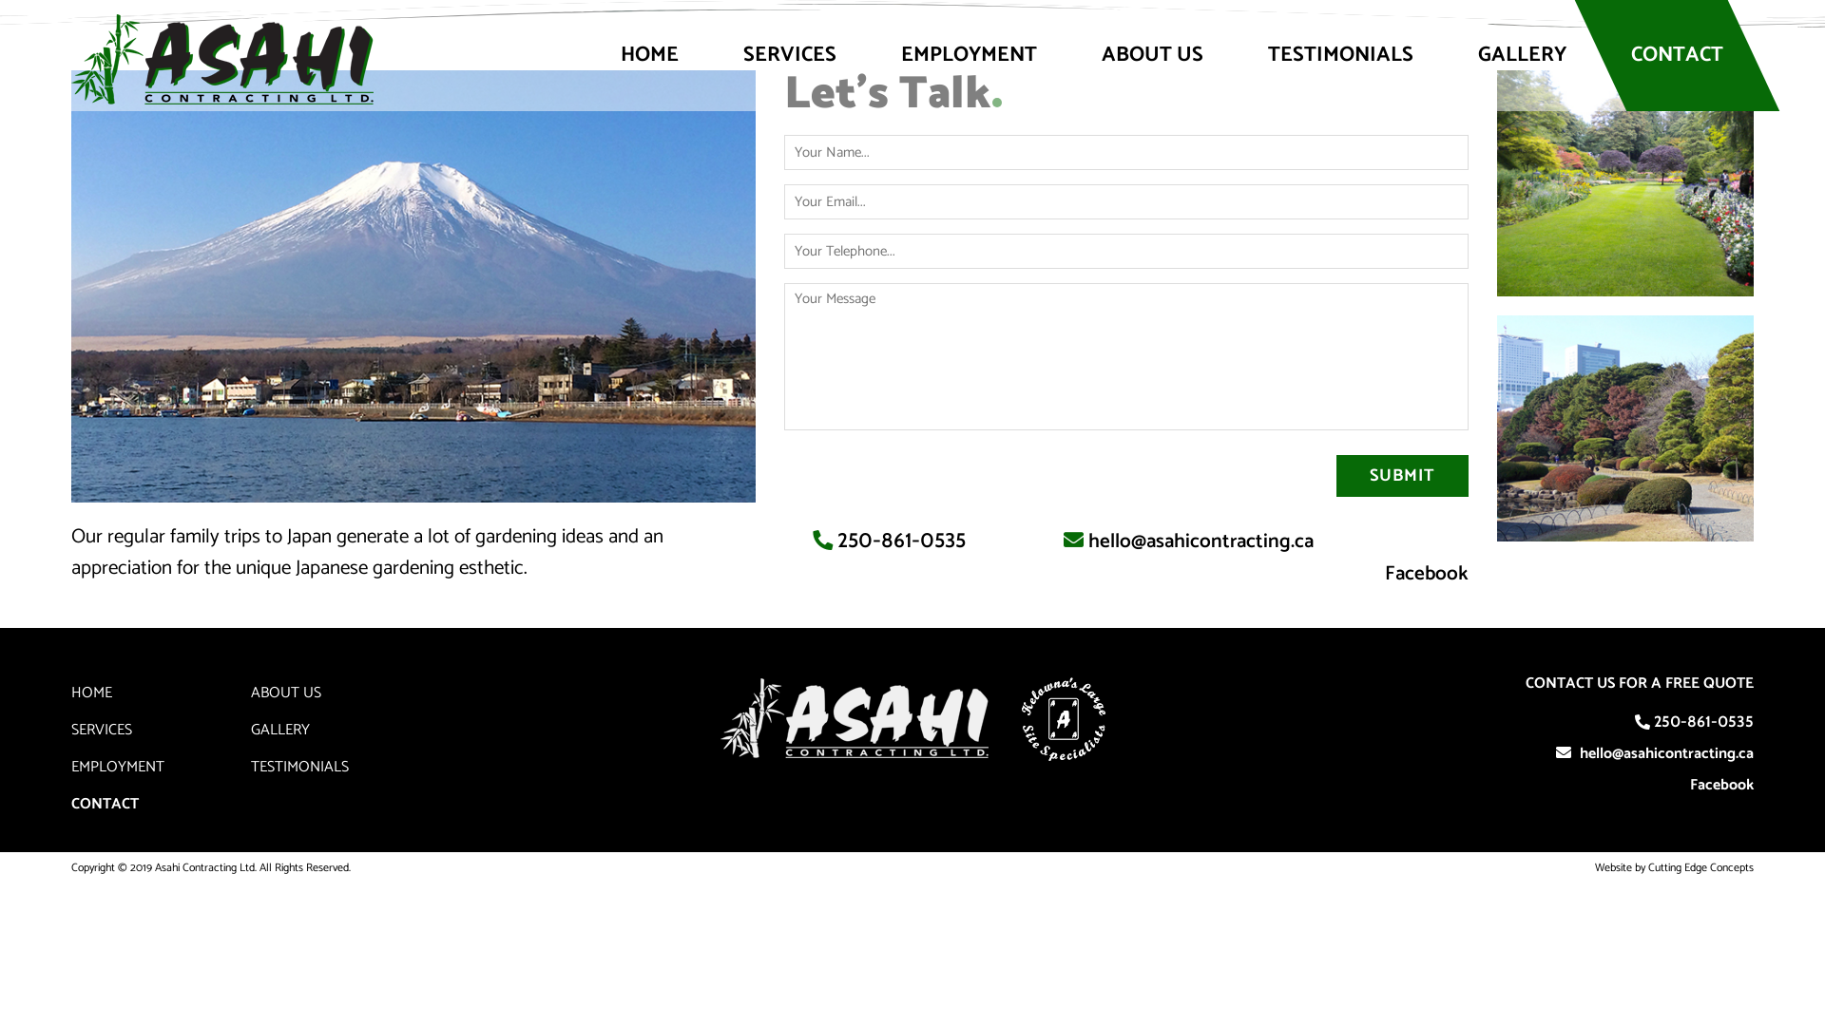  Describe the element at coordinates (1681, 785) in the screenshot. I see `'Facebook'` at that location.